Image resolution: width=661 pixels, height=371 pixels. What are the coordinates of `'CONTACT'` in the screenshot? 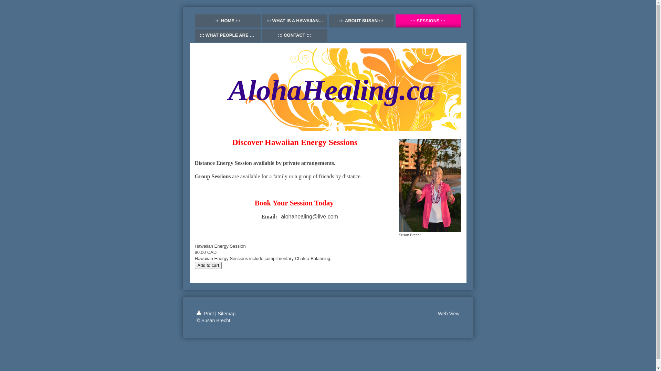 It's located at (294, 35).